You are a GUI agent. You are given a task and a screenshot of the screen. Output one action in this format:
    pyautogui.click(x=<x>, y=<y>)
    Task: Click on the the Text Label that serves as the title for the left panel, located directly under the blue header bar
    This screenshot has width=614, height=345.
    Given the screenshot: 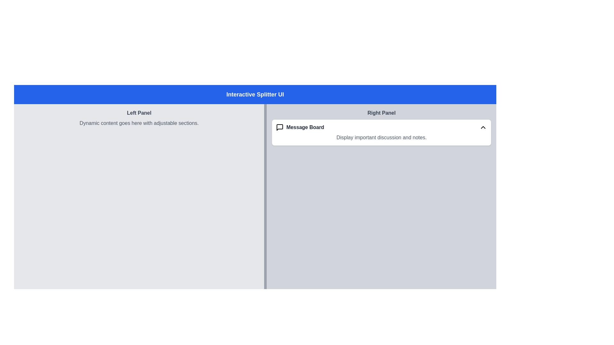 What is the action you would take?
    pyautogui.click(x=139, y=113)
    